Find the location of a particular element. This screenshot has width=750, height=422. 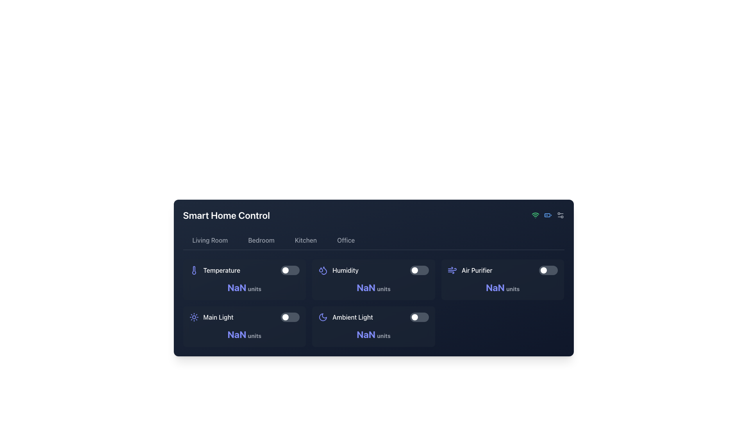

the thermometer icon, which is styled with a light indigo hue and positioned to the left of the 'Temperature' label is located at coordinates (194, 270).